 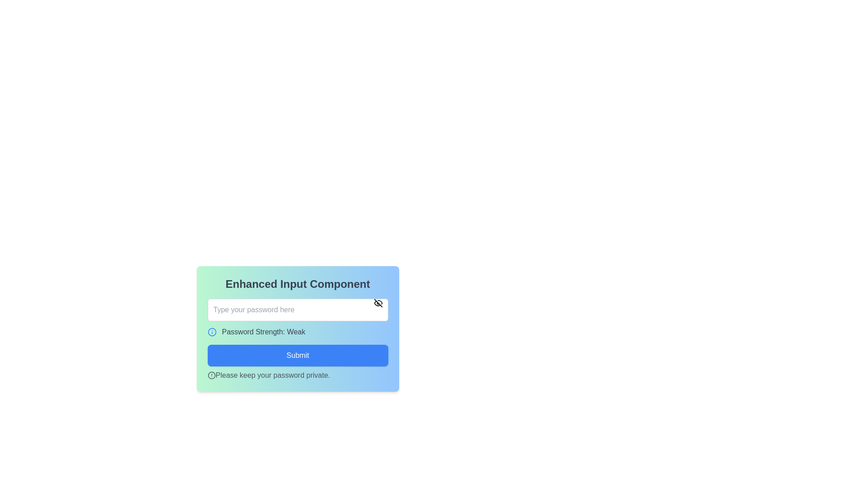 I want to click on the central circular shape of the password strength indicator located to the left of the text 'Password Strength: Weak', so click(x=211, y=332).